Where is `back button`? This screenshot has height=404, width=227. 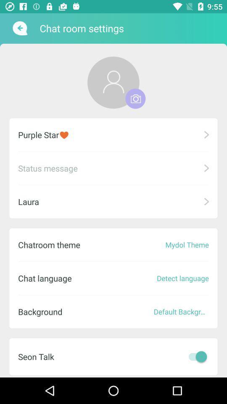 back button is located at coordinates (19, 28).